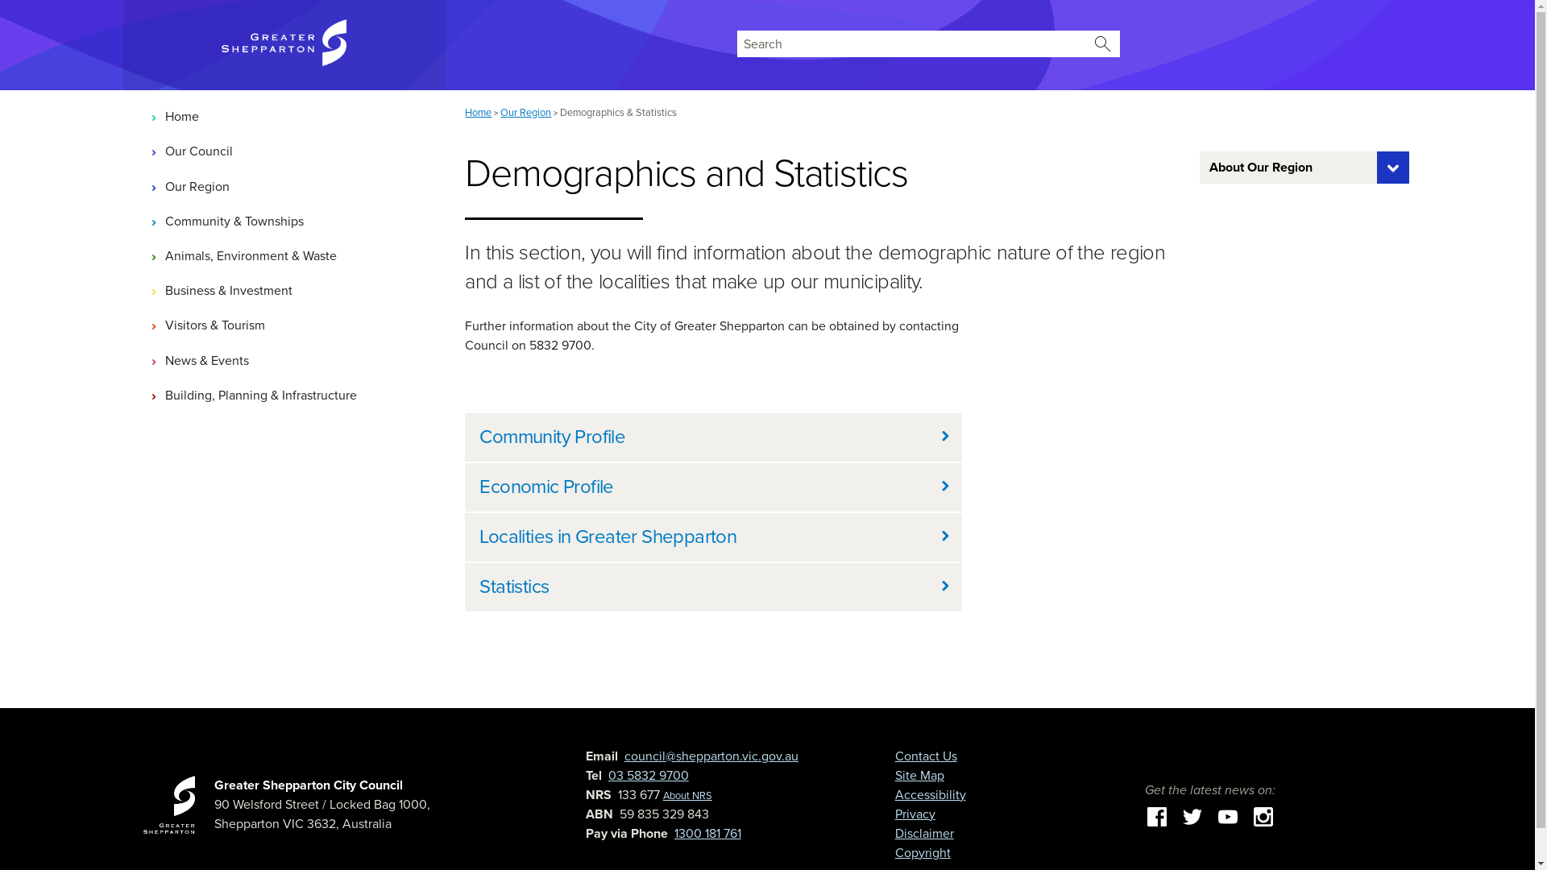 The width and height of the screenshot is (1547, 870). Describe the element at coordinates (284, 325) in the screenshot. I see `'Visitors & Tourism'` at that location.